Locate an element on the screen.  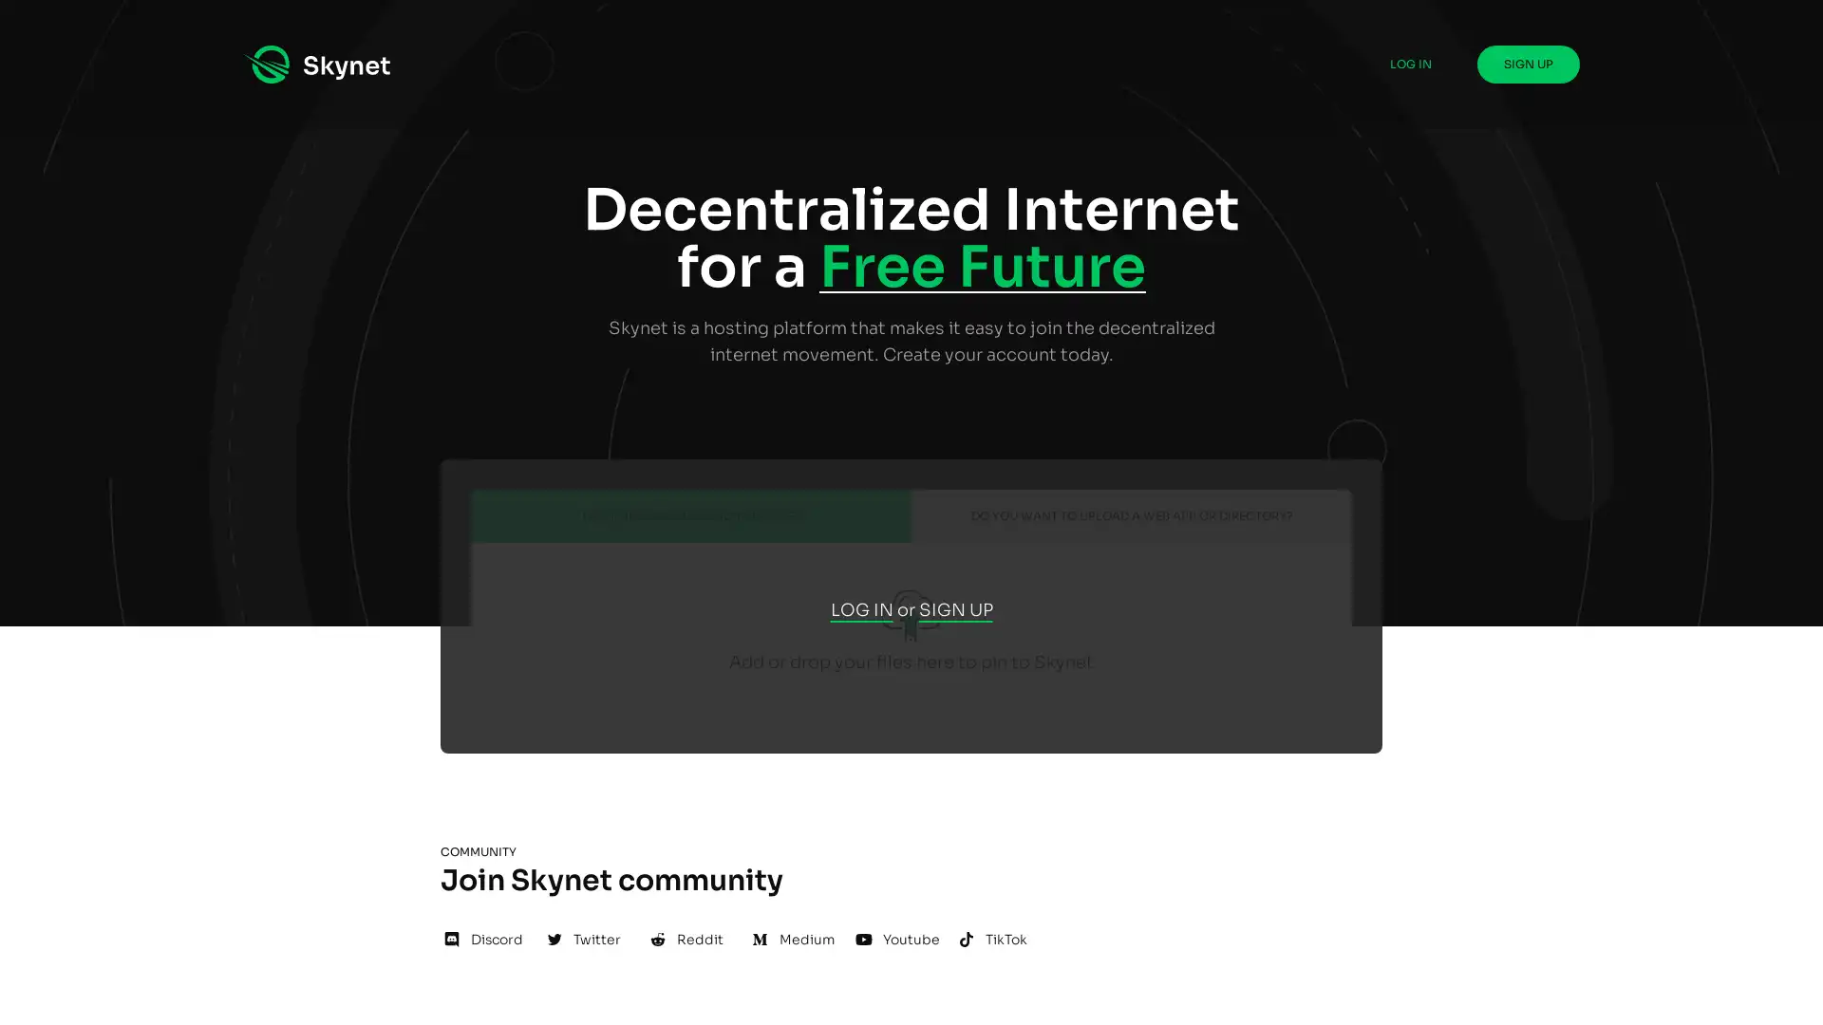
TRY IT NOW AND UPLOAD YOUR FILES is located at coordinates (690, 515).